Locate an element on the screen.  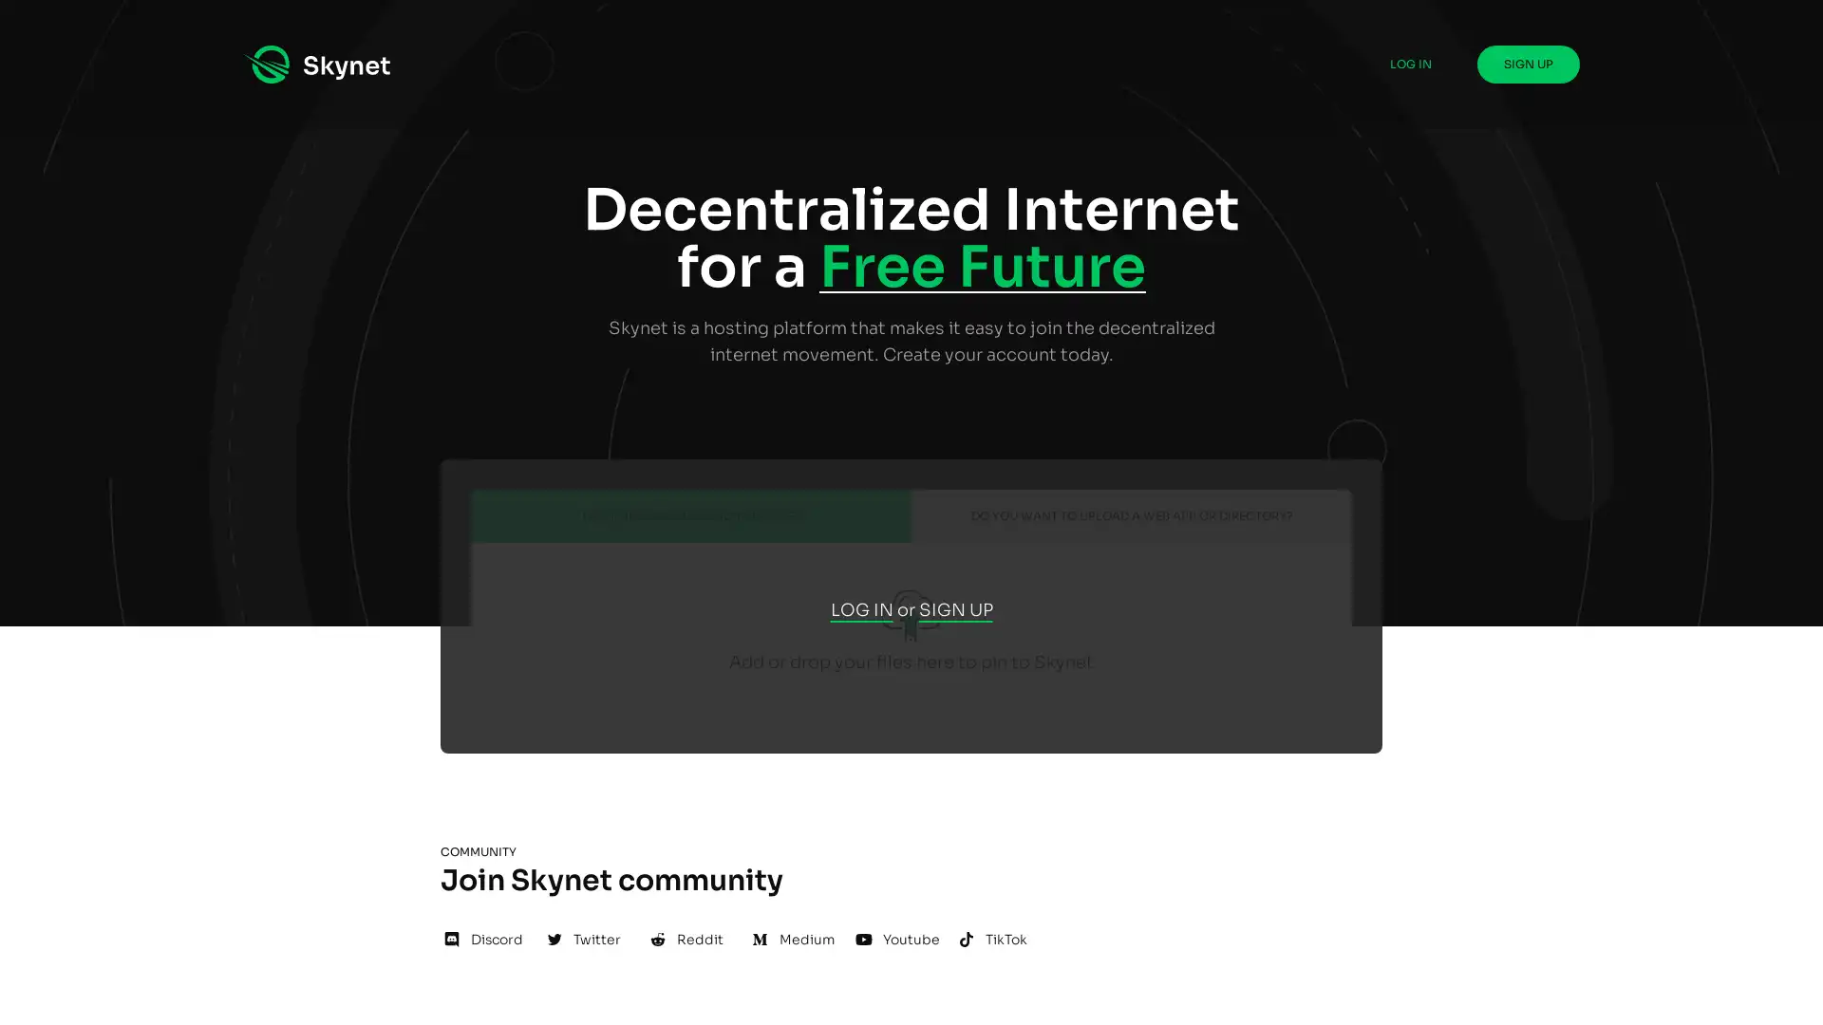
TRY IT NOW AND UPLOAD YOUR FILES is located at coordinates (690, 515).